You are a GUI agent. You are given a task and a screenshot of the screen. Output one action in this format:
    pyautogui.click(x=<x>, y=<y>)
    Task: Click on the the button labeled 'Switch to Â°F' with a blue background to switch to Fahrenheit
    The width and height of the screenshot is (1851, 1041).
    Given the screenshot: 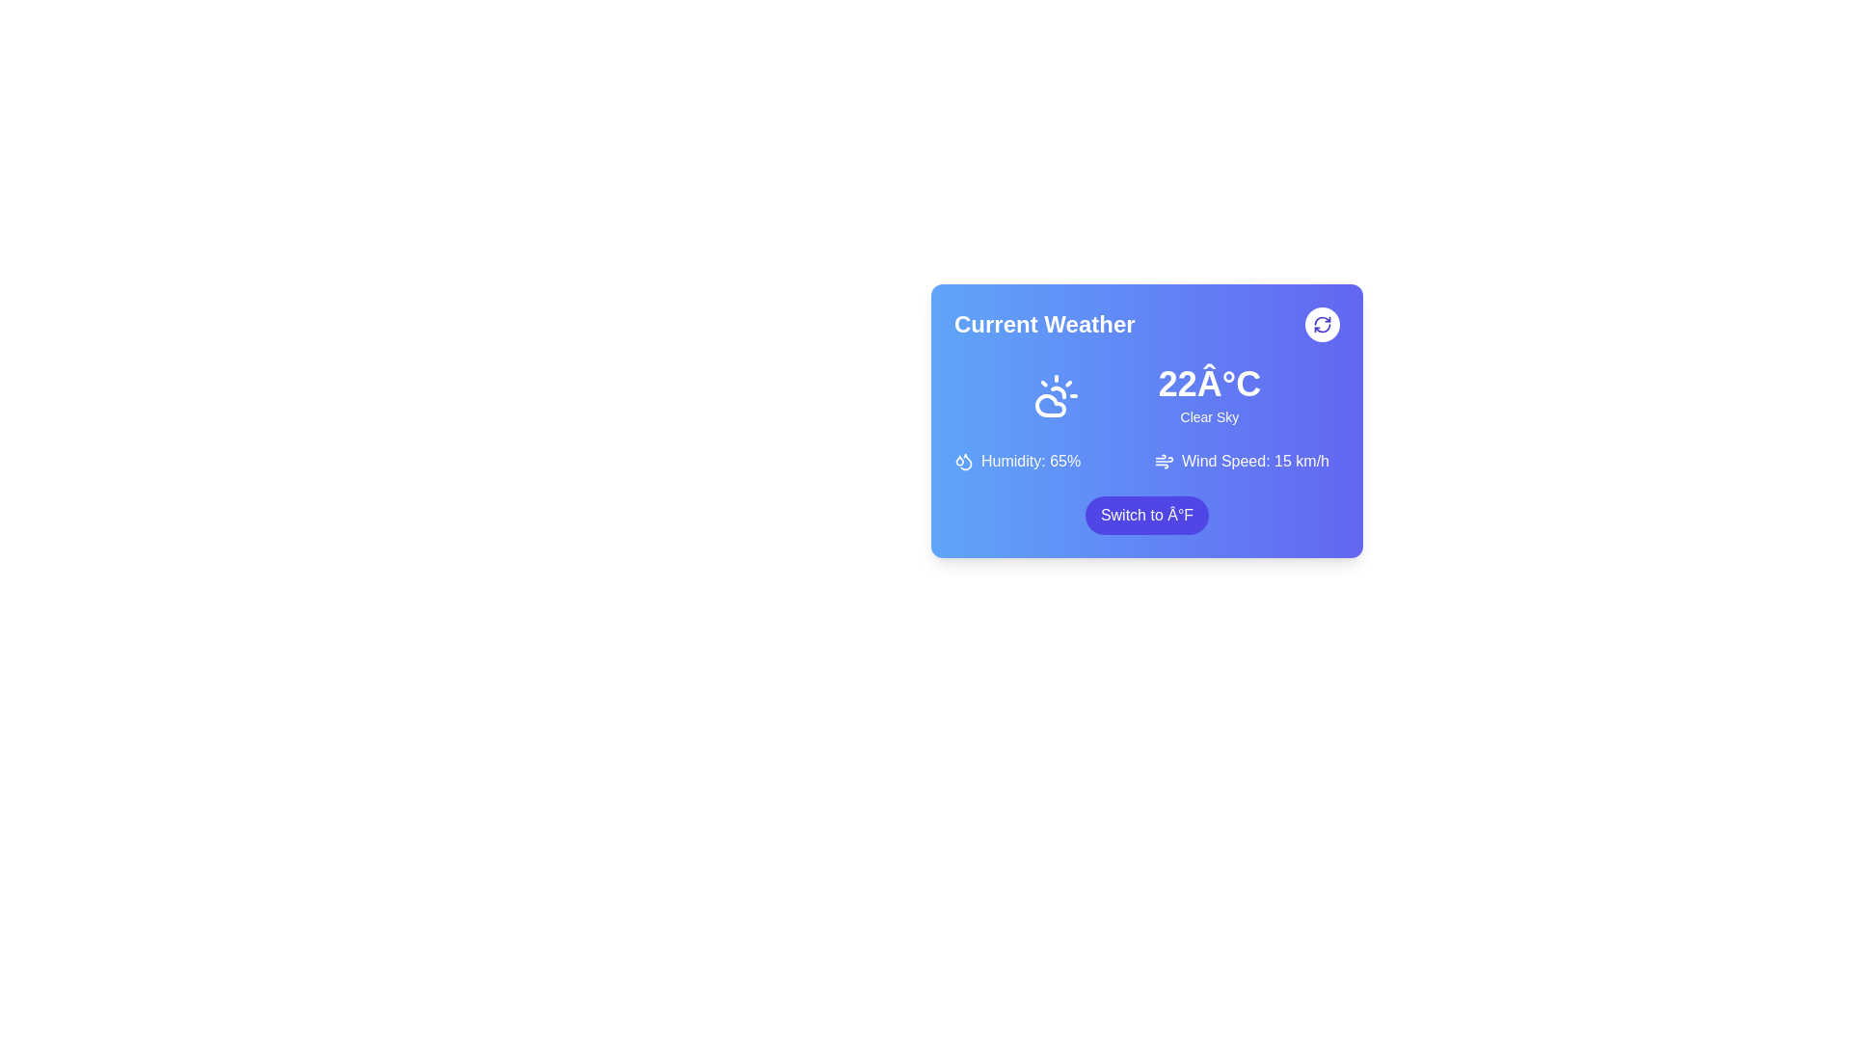 What is the action you would take?
    pyautogui.click(x=1147, y=515)
    